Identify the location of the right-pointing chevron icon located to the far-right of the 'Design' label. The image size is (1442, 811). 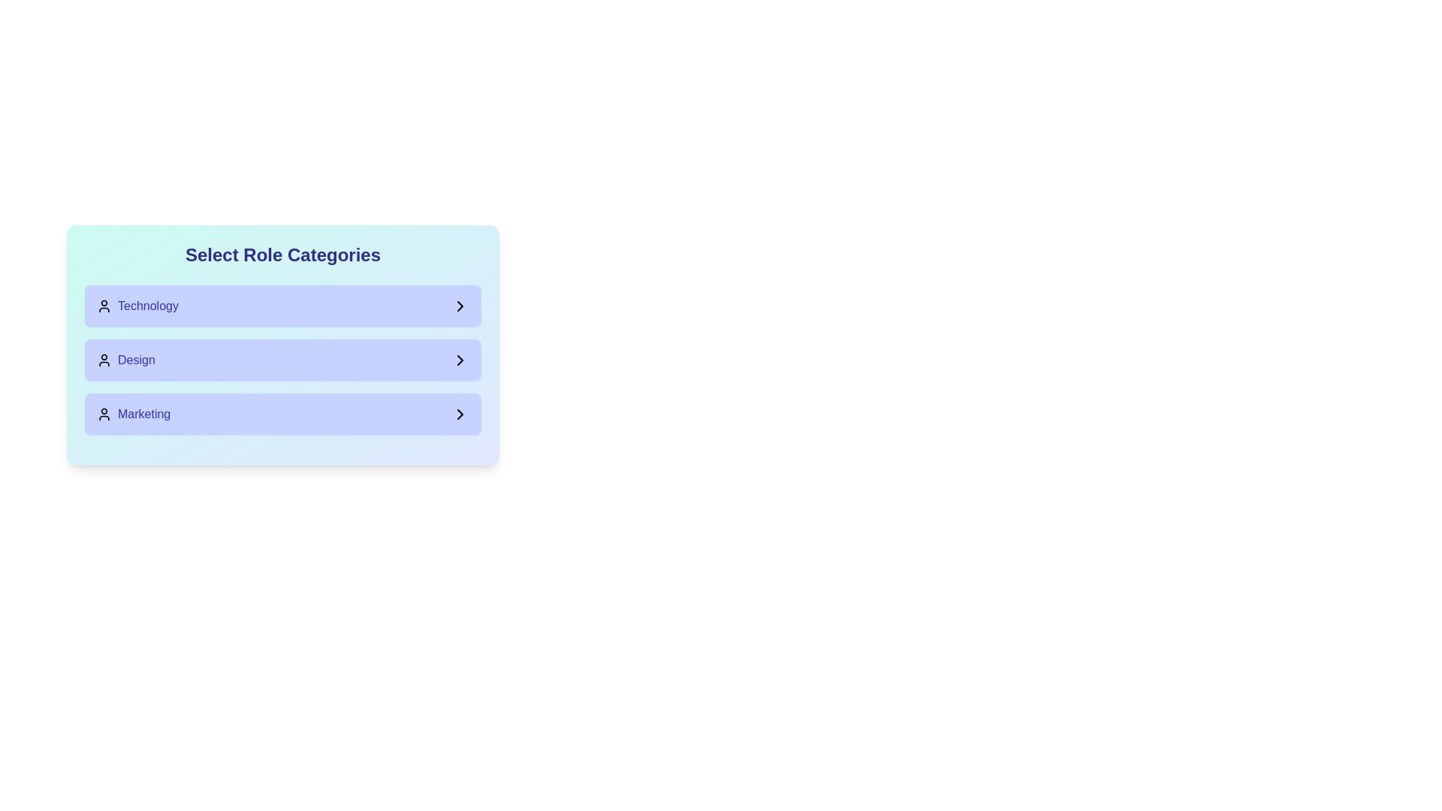
(460, 360).